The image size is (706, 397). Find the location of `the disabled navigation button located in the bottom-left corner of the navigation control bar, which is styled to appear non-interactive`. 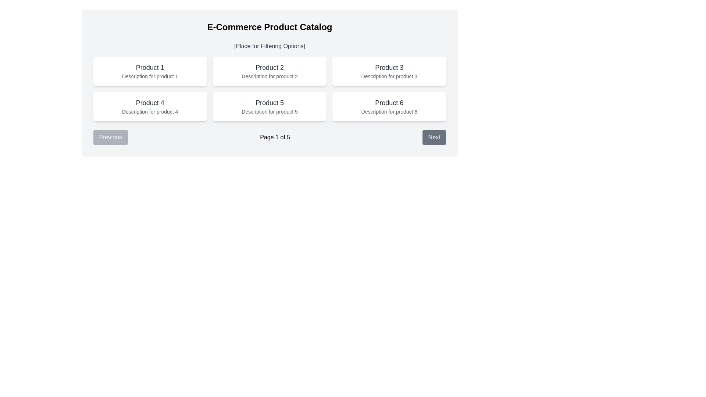

the disabled navigation button located in the bottom-left corner of the navigation control bar, which is styled to appear non-interactive is located at coordinates (110, 137).